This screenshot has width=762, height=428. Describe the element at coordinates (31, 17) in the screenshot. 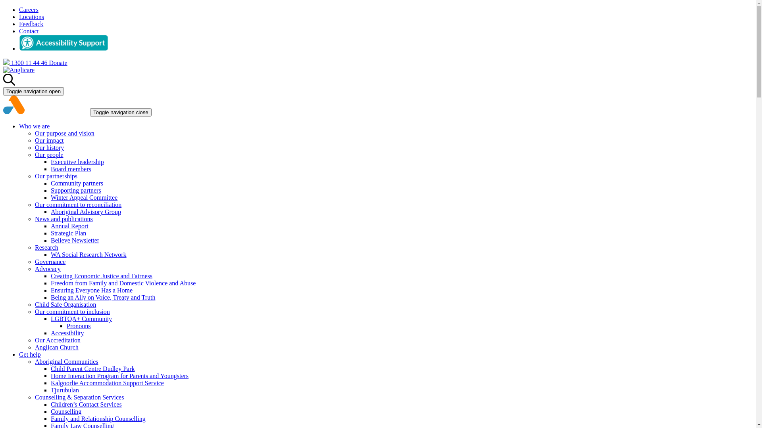

I see `'Locations'` at that location.